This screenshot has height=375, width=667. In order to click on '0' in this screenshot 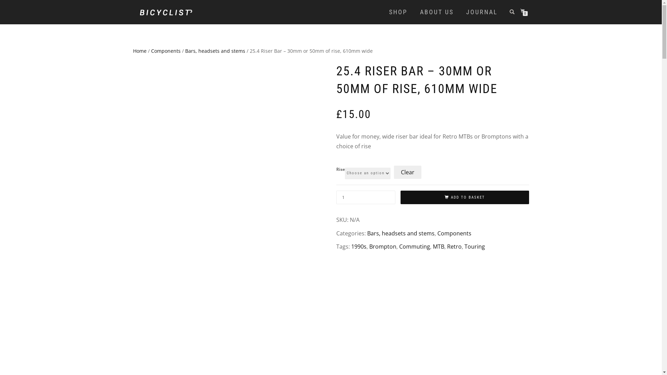, I will do `click(520, 11)`.